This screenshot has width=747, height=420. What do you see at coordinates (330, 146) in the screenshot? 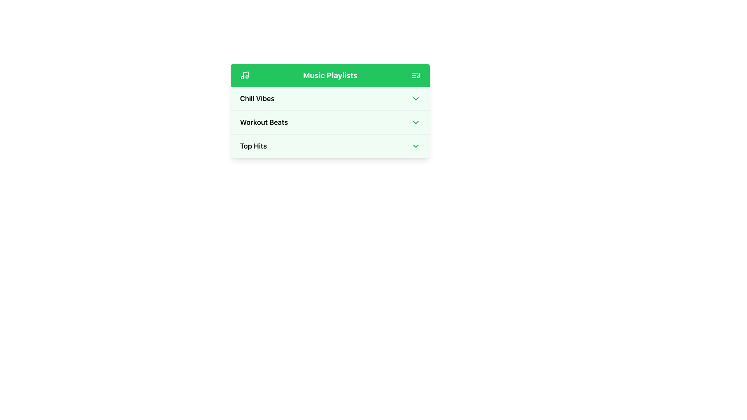
I see `the 'Top Hits' playlist option in the Music Playlists menu` at bounding box center [330, 146].